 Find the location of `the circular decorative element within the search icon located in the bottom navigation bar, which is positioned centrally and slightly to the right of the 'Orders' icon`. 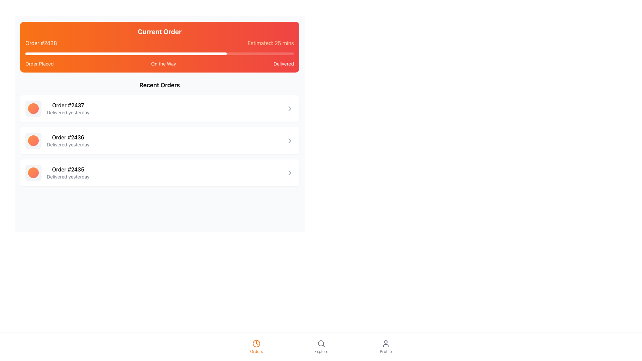

the circular decorative element within the search icon located in the bottom navigation bar, which is positioned centrally and slightly to the right of the 'Orders' icon is located at coordinates (321, 343).